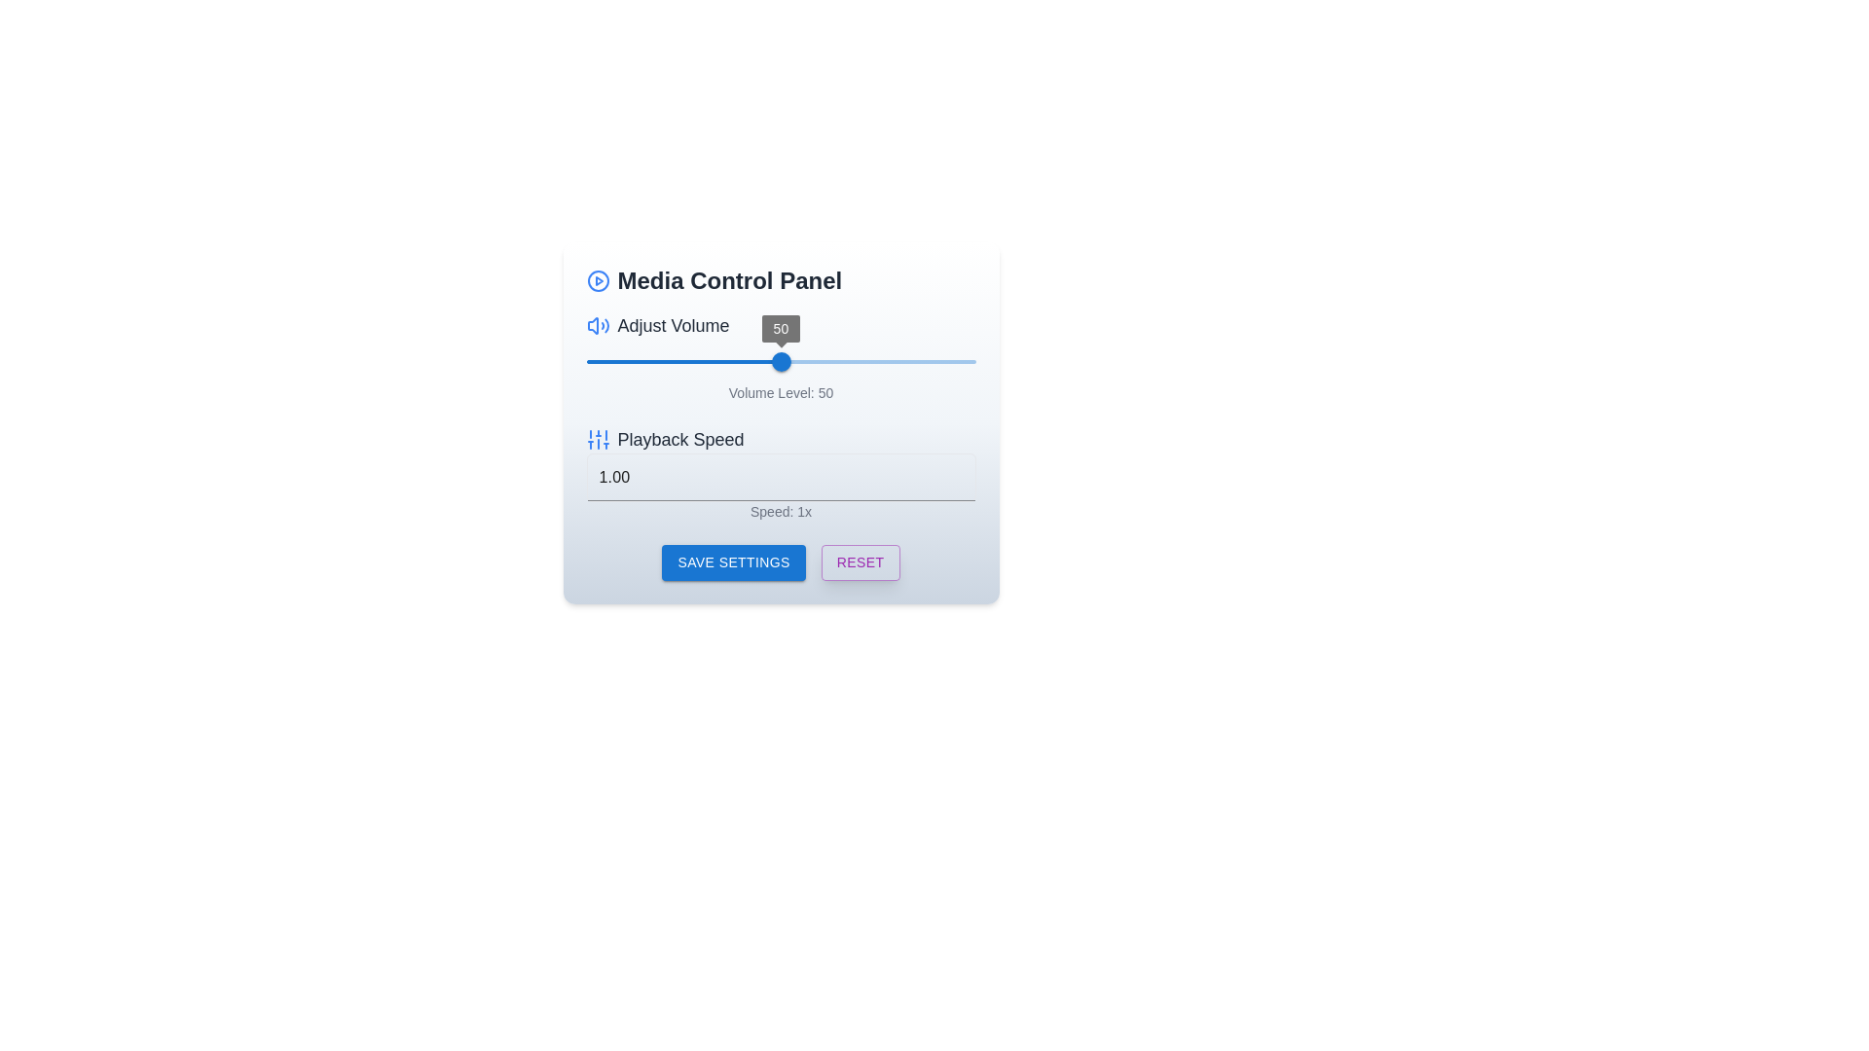  Describe the element at coordinates (597, 281) in the screenshot. I see `the SVG Circle that serves as the circular boundary of the play button icon located in the 'Media Control Panel' header area` at that location.